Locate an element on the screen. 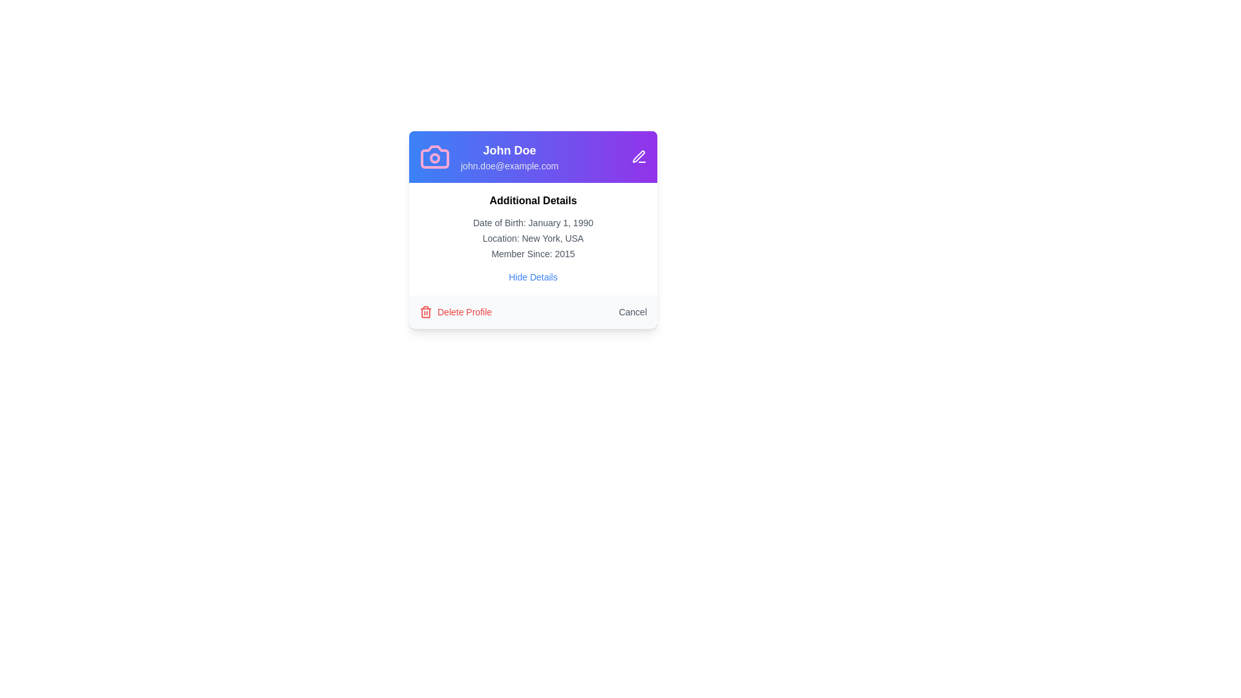 Image resolution: width=1241 pixels, height=698 pixels. text of the heading element displaying 'Additional Details' in bold, which is centrally positioned above the user details section is located at coordinates (533, 201).